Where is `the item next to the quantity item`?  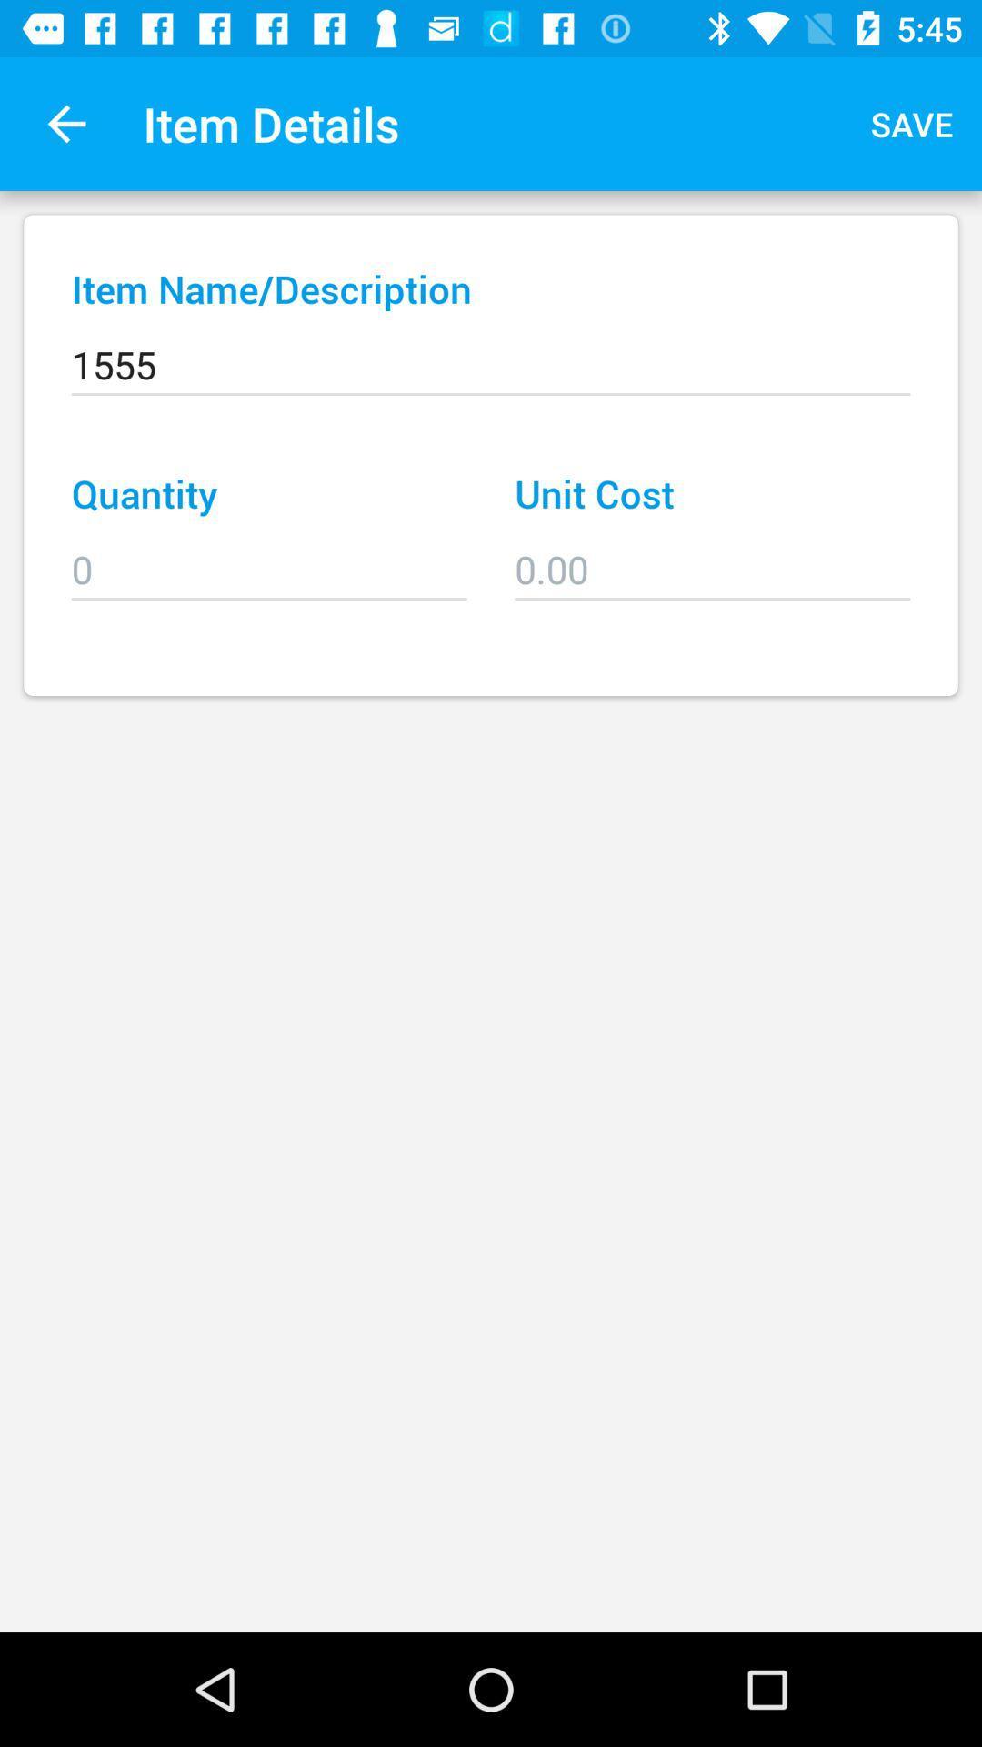 the item next to the quantity item is located at coordinates (711, 556).